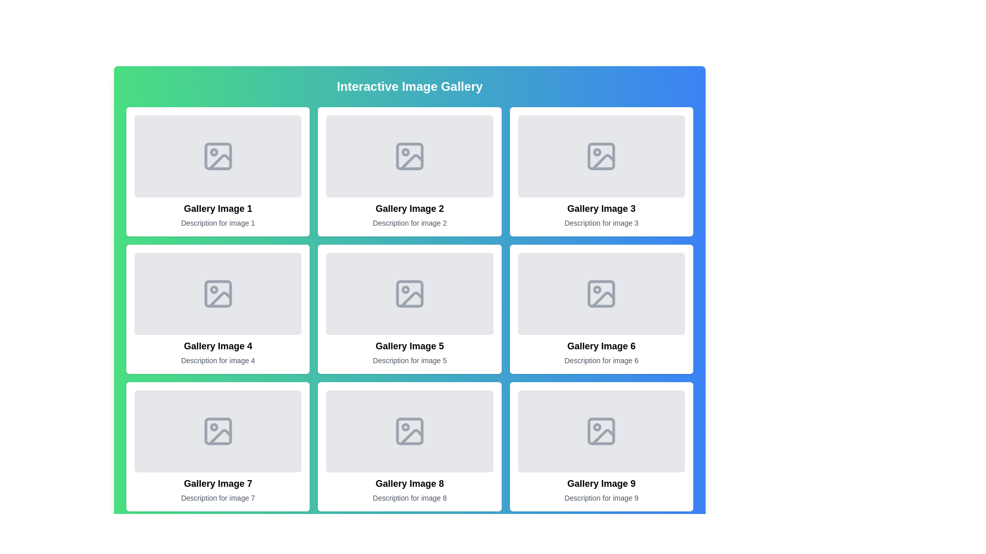 The width and height of the screenshot is (986, 554). What do you see at coordinates (217, 223) in the screenshot?
I see `text label that contains 'Description for image 1', which is styled in gray and located below the title 'Gallery Image 1' in the first gallery item` at bounding box center [217, 223].